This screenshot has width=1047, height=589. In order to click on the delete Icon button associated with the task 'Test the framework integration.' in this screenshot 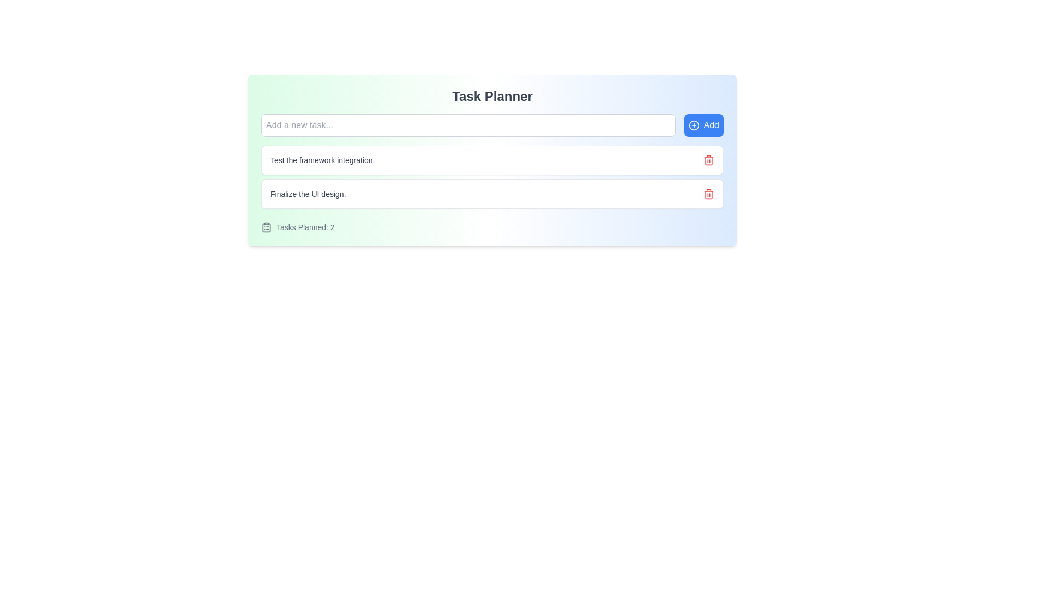, I will do `click(709, 160)`.